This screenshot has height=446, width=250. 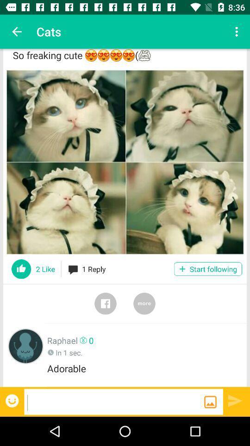 What do you see at coordinates (25, 346) in the screenshot?
I see `the item to the left of the raphael` at bounding box center [25, 346].